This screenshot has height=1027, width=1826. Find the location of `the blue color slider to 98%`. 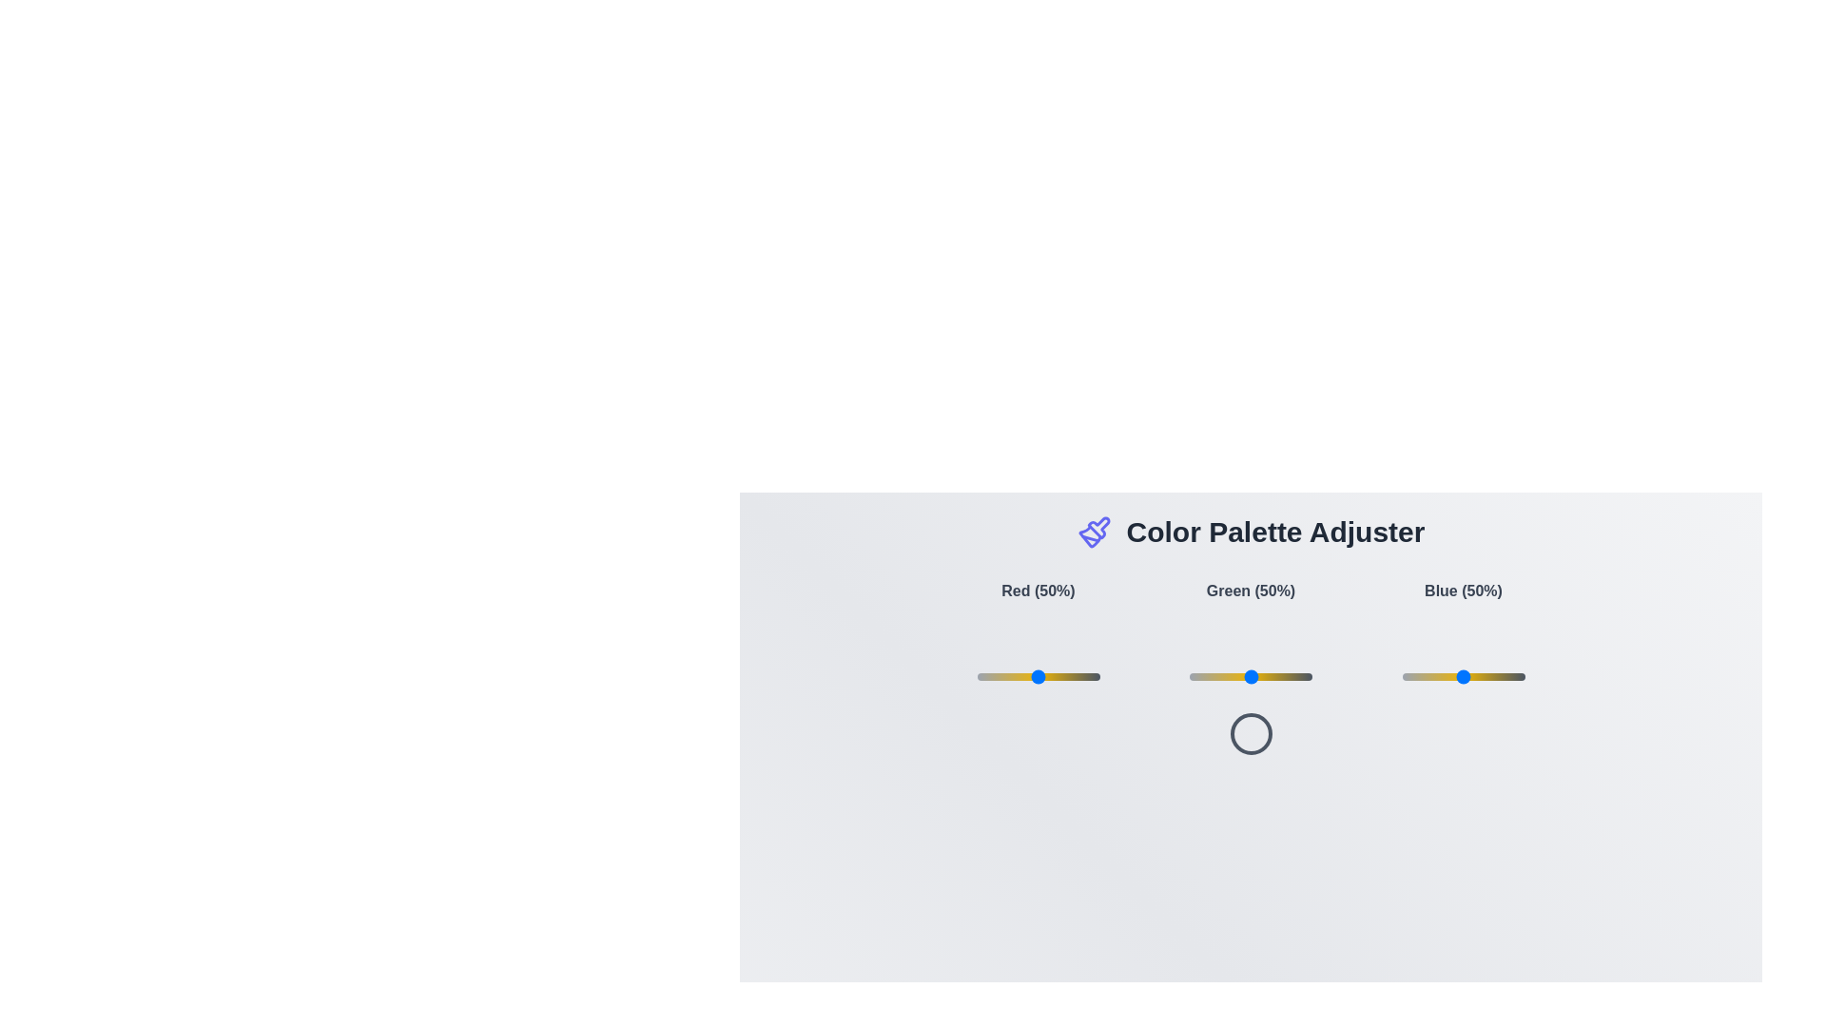

the blue color slider to 98% is located at coordinates (1522, 676).